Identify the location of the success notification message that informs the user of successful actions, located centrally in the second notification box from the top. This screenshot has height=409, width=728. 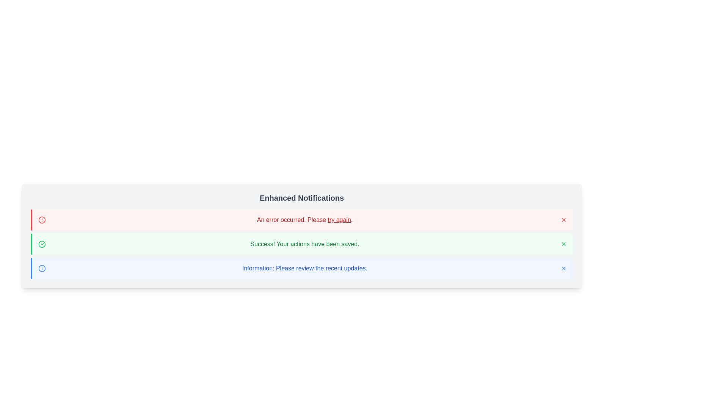
(305, 244).